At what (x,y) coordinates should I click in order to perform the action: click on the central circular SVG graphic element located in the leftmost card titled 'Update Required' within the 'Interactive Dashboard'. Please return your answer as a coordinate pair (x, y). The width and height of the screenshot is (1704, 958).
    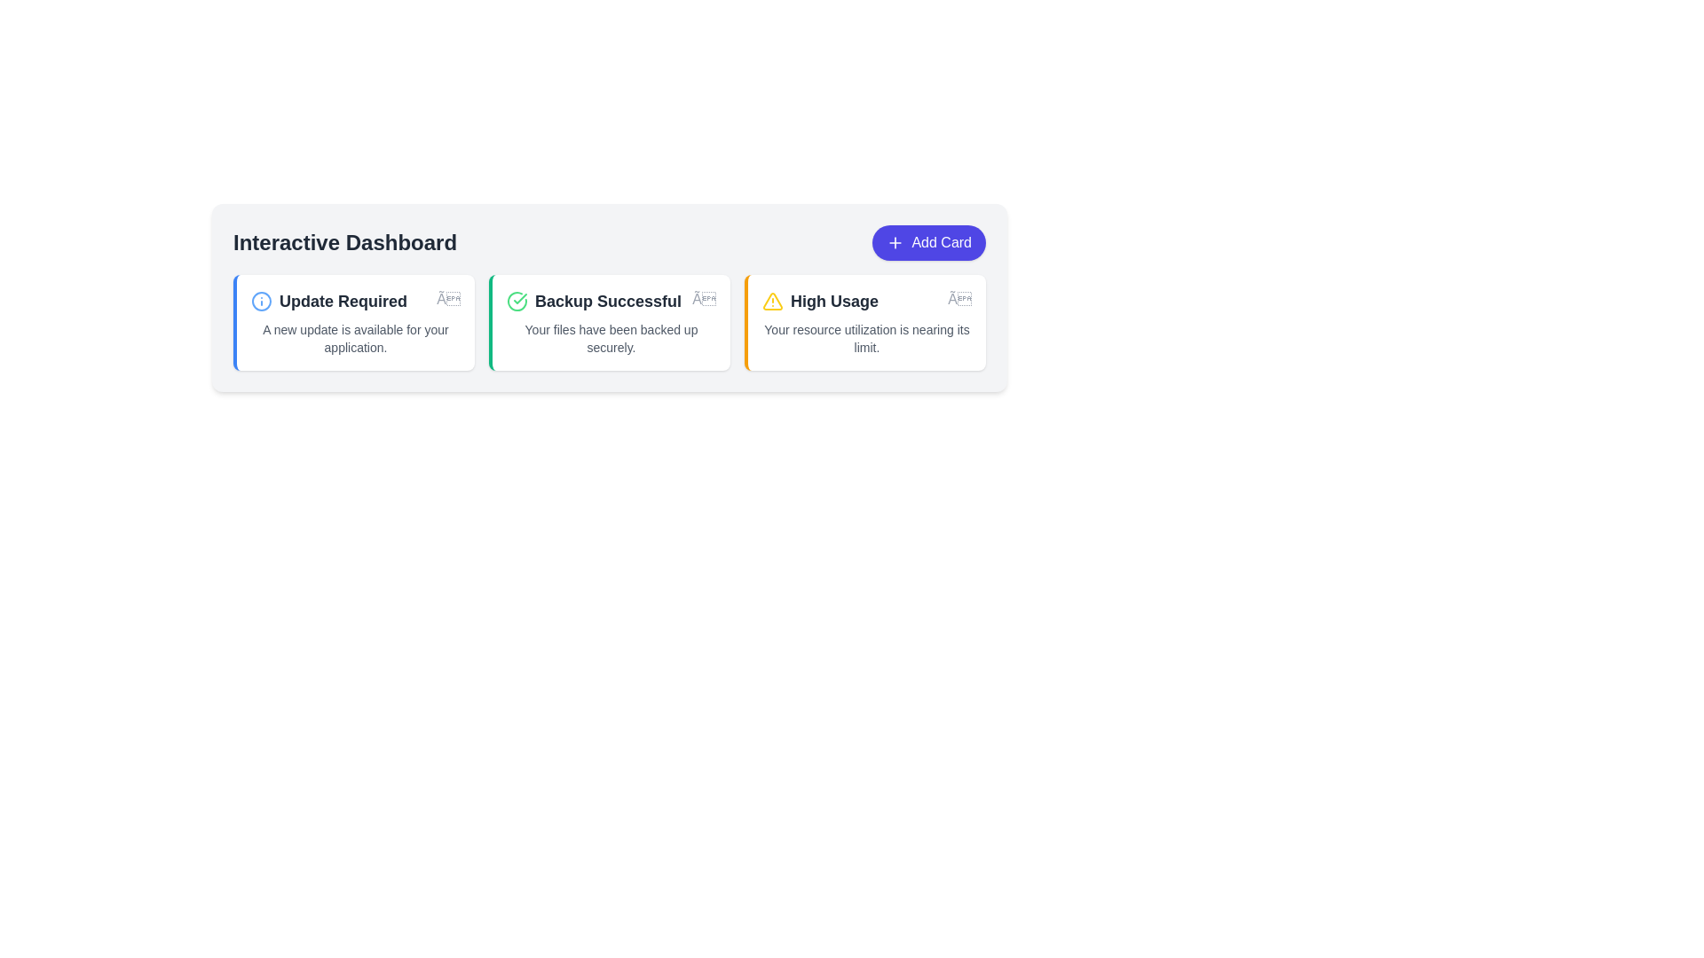
    Looking at the image, I should click on (260, 300).